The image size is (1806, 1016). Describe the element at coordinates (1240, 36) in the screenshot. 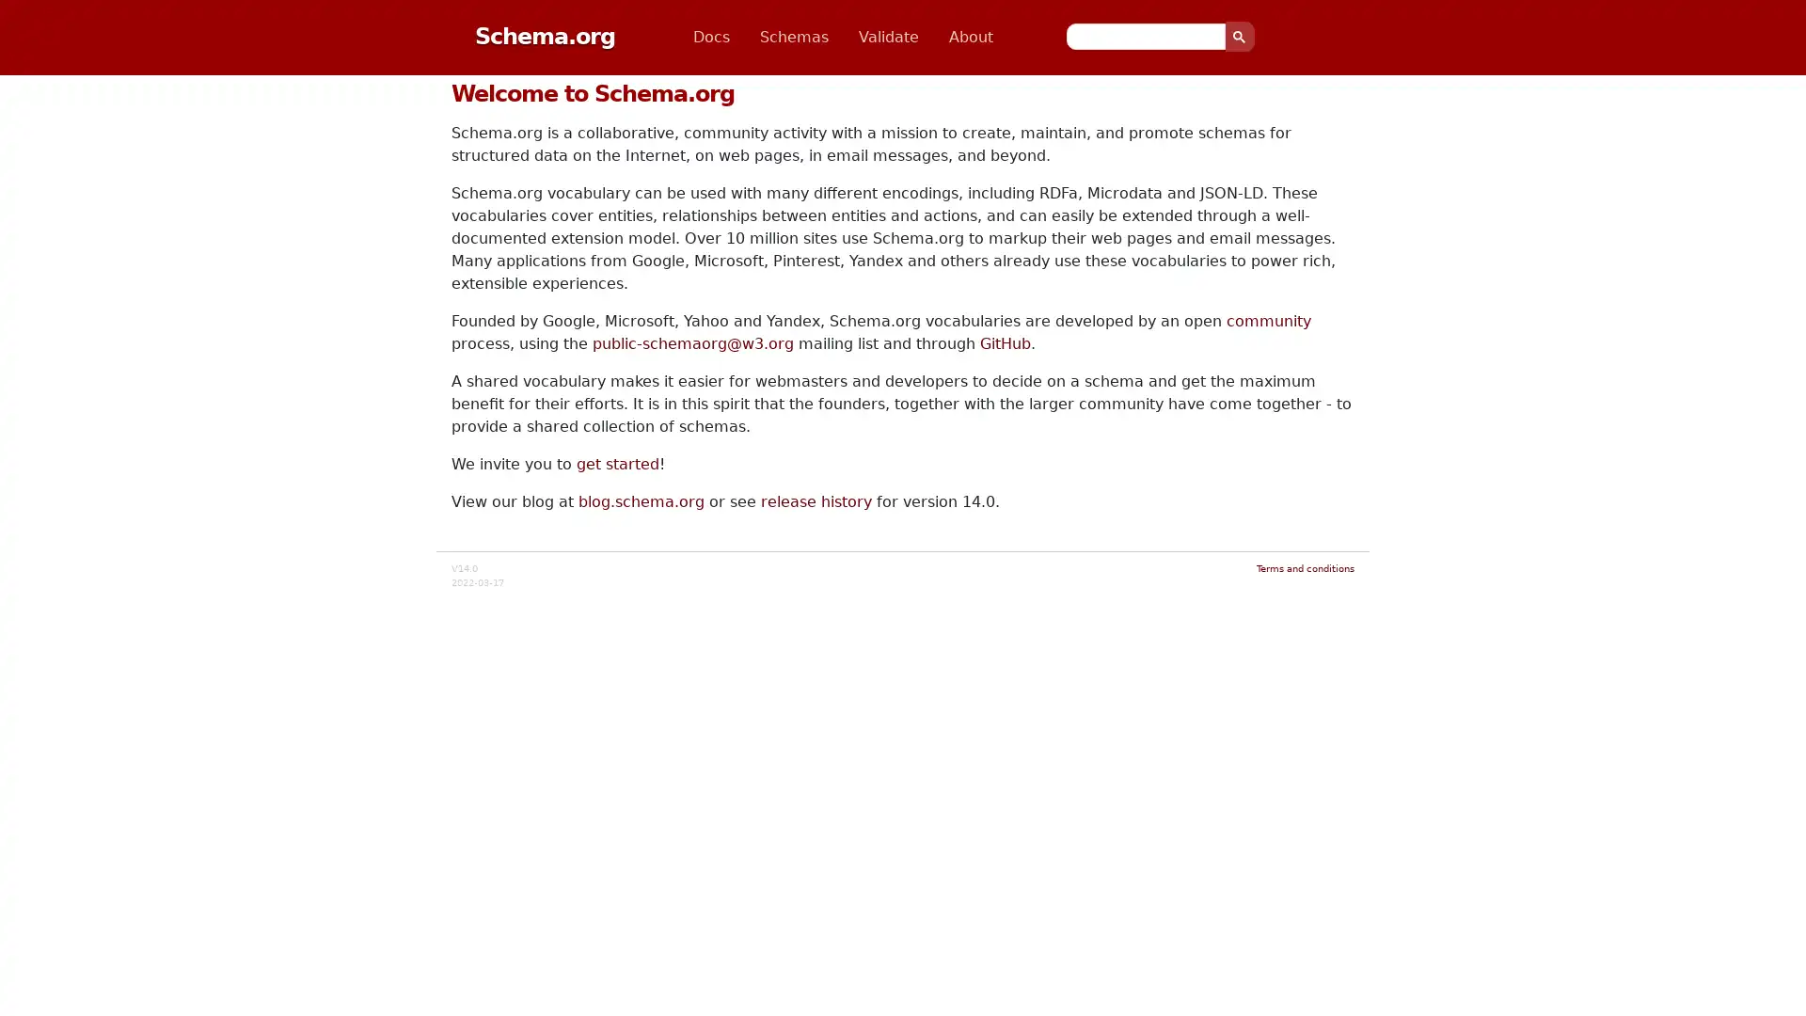

I see `search` at that location.